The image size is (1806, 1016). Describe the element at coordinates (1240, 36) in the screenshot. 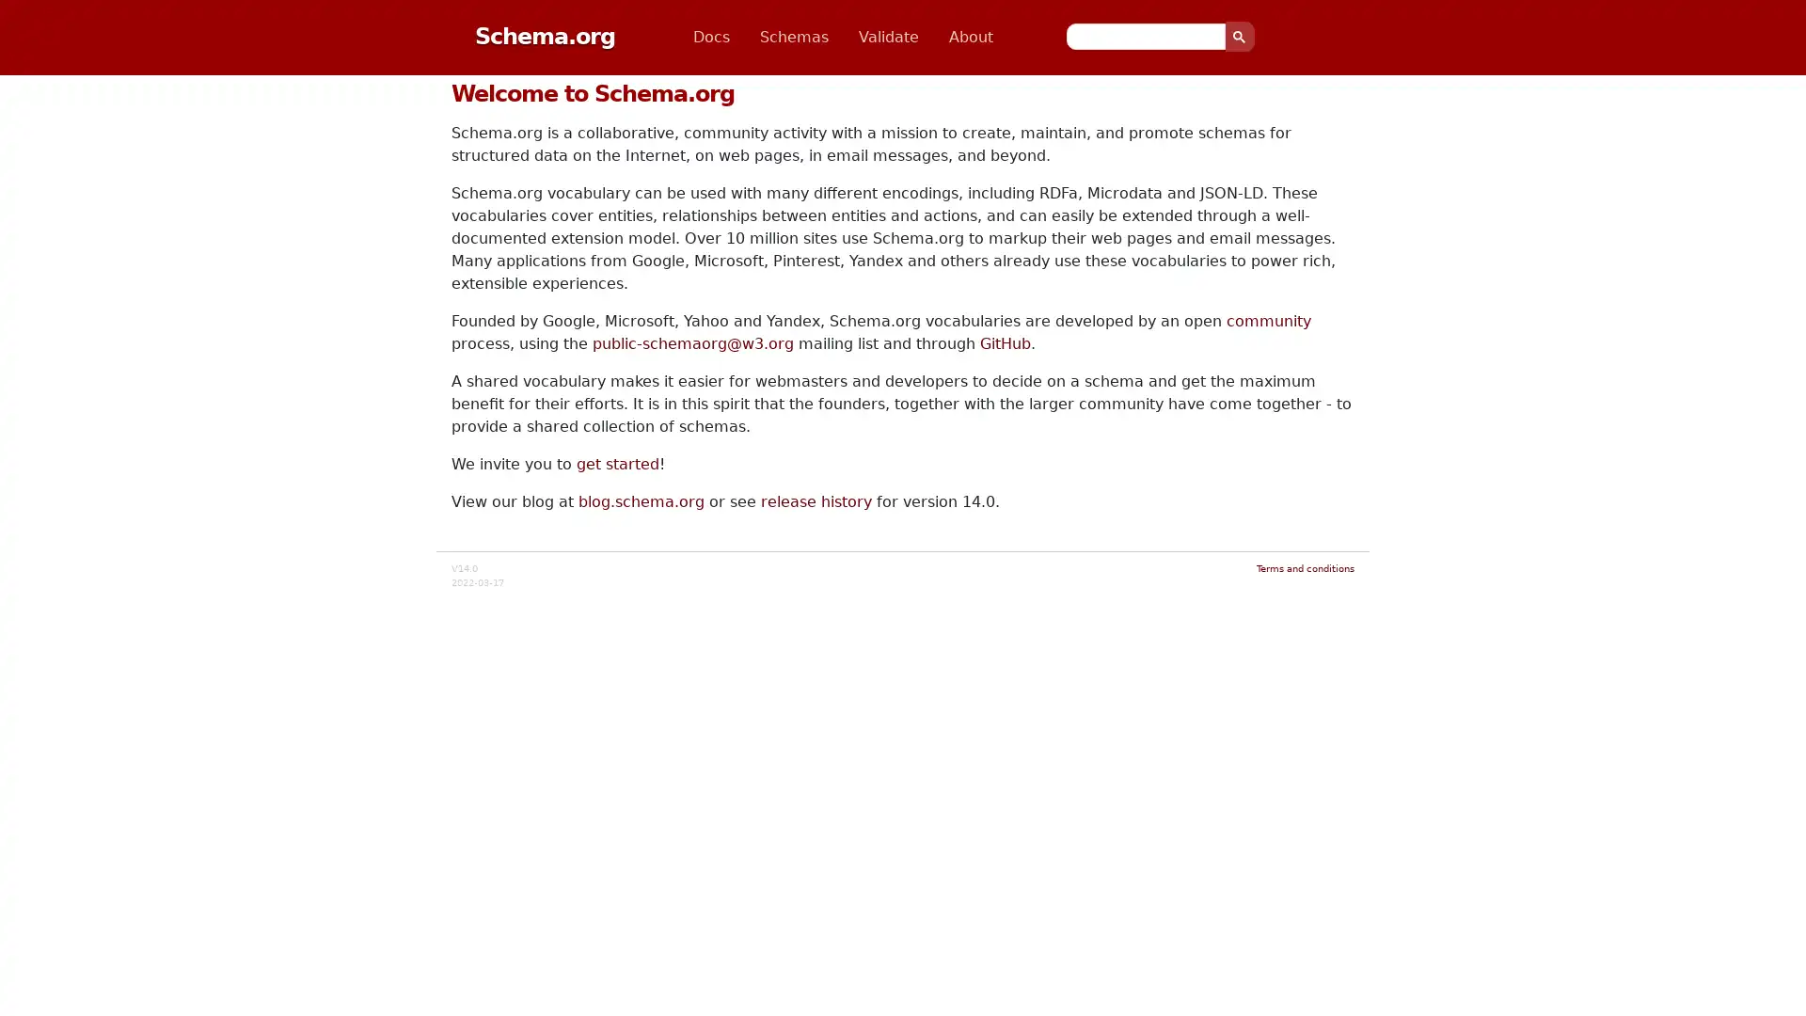

I see `search` at that location.